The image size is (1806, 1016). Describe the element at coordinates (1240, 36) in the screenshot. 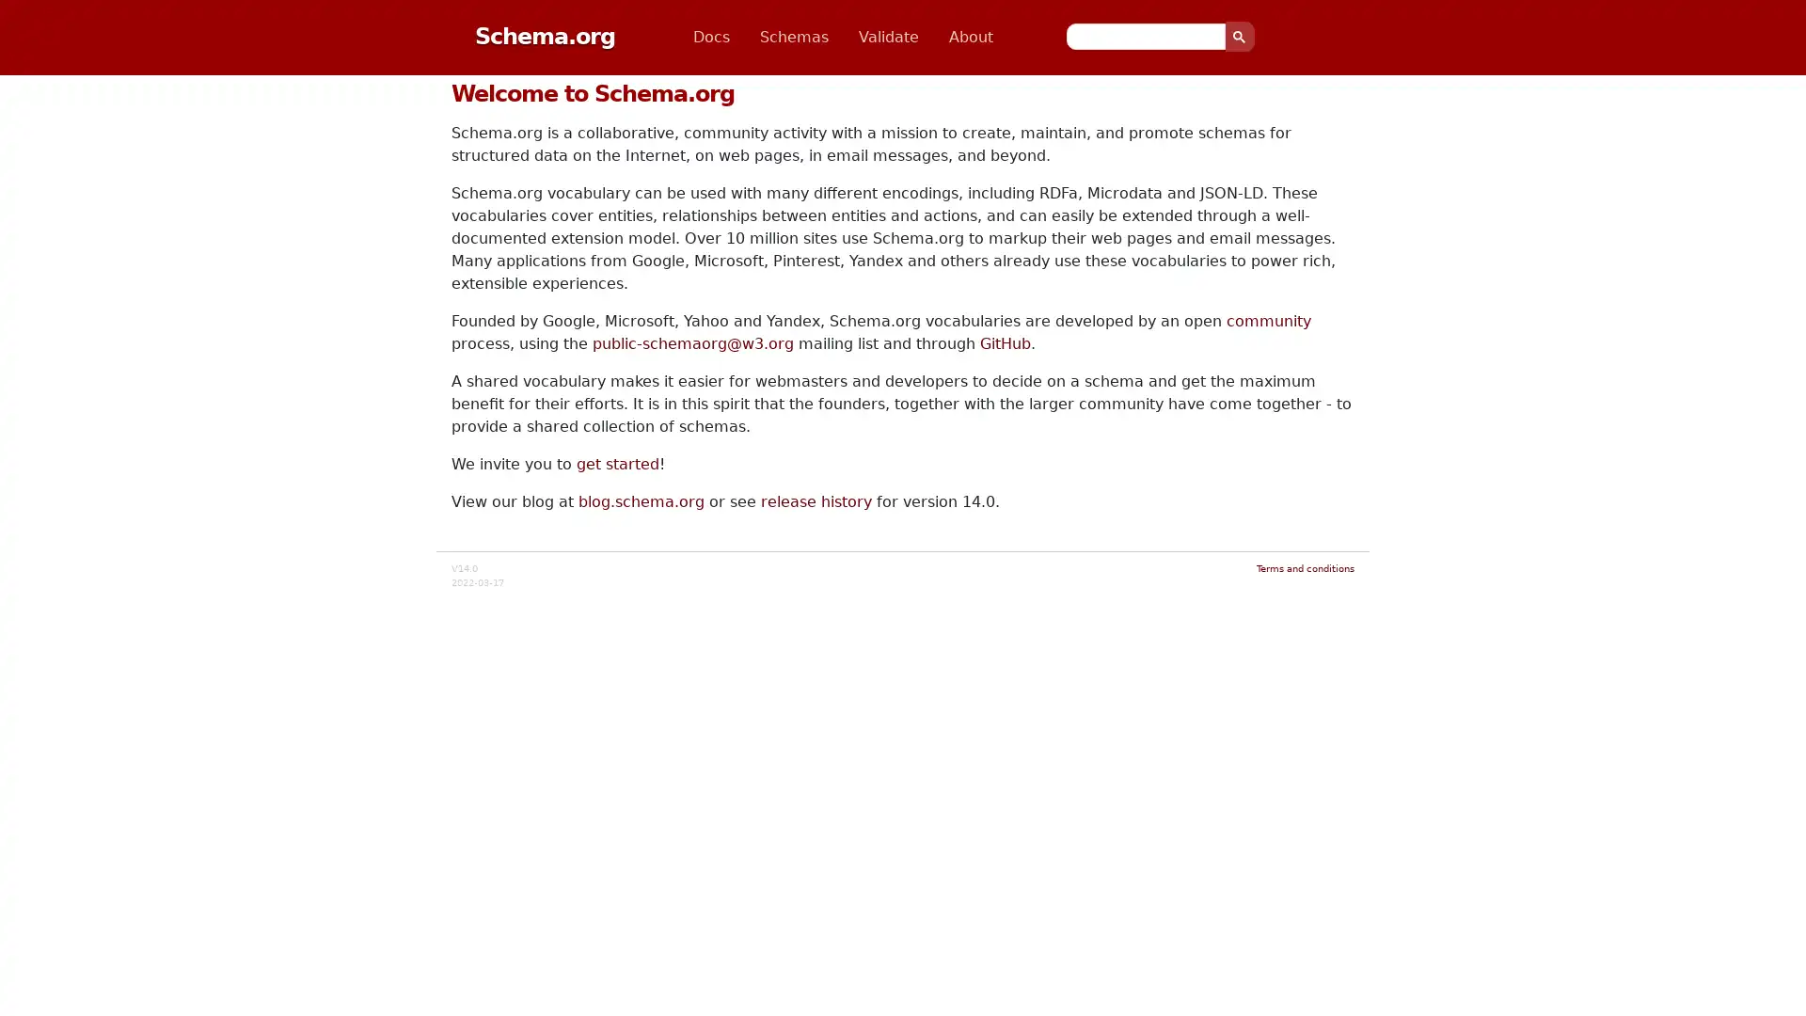

I see `search` at that location.